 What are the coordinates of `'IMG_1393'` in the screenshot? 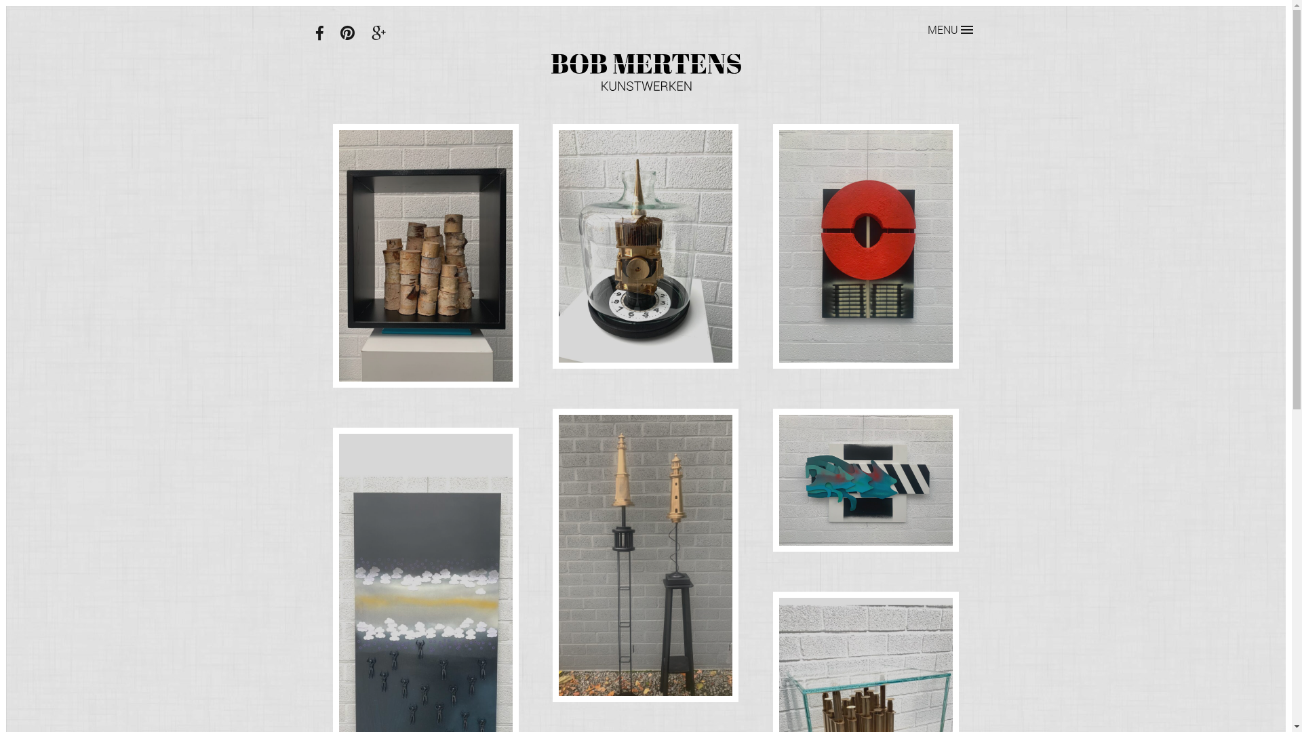 It's located at (645, 245).